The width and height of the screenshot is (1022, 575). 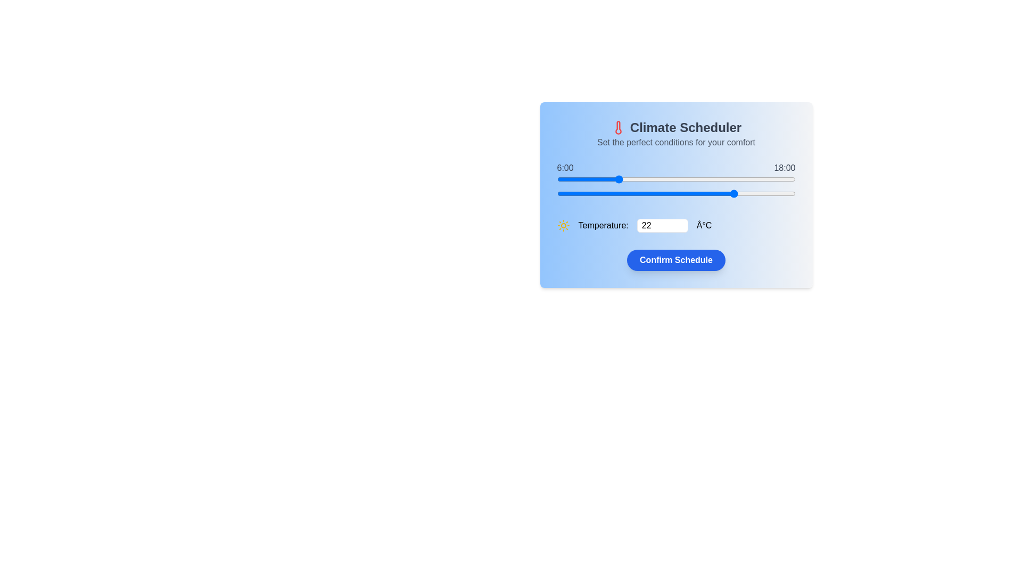 What do you see at coordinates (675, 260) in the screenshot?
I see `the 'Confirm Schedule' button, which has rounded corners, a vibrant blue color, and white text, to observe its hover effect` at bounding box center [675, 260].